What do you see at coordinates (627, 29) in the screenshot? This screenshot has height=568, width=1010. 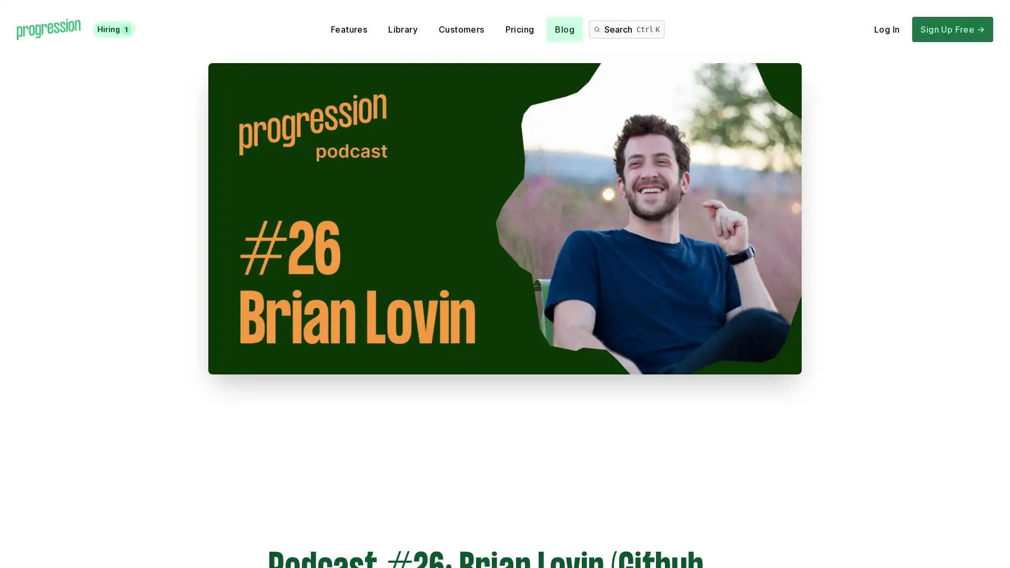 I see `Search Ctrl K` at bounding box center [627, 29].